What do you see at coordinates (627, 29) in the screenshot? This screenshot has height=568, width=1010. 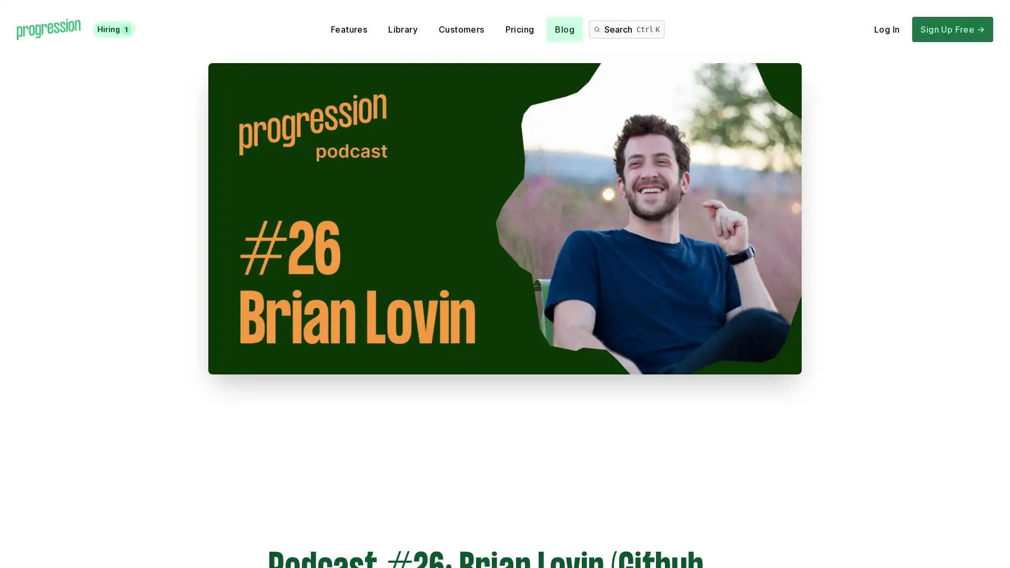 I see `Search Ctrl K` at bounding box center [627, 29].